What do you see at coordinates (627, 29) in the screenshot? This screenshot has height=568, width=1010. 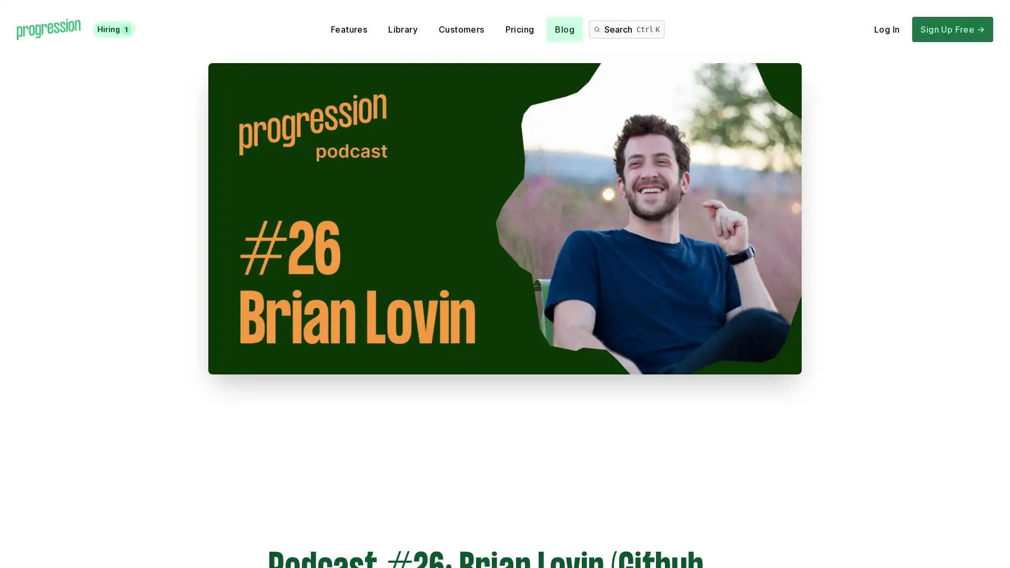 I see `Search Ctrl K` at bounding box center [627, 29].